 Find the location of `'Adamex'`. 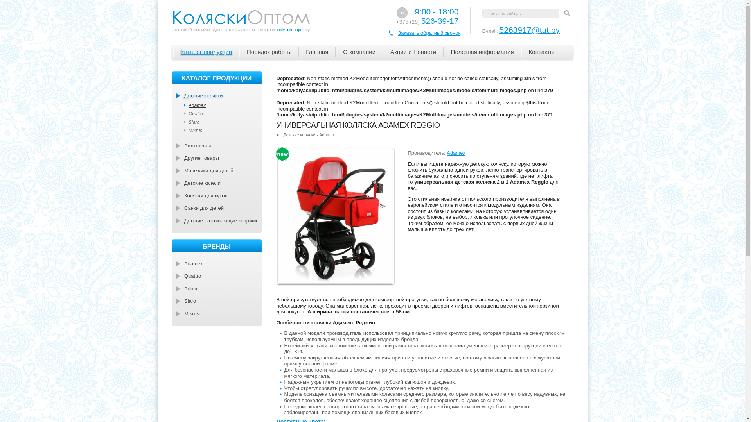

'Adamex' is located at coordinates (456, 153).